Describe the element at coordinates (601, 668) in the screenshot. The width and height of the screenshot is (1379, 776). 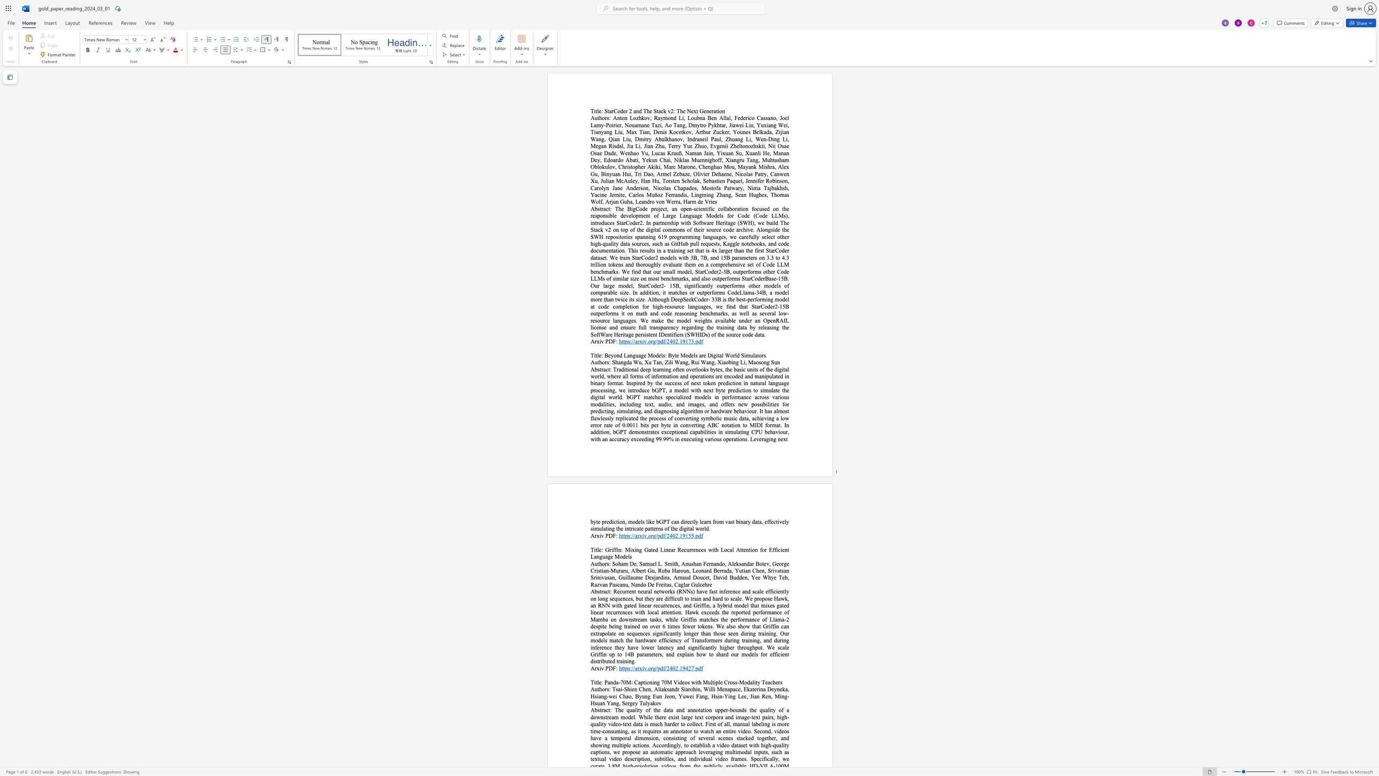
I see `the space between the continuous character "i" and "v" in the text` at that location.